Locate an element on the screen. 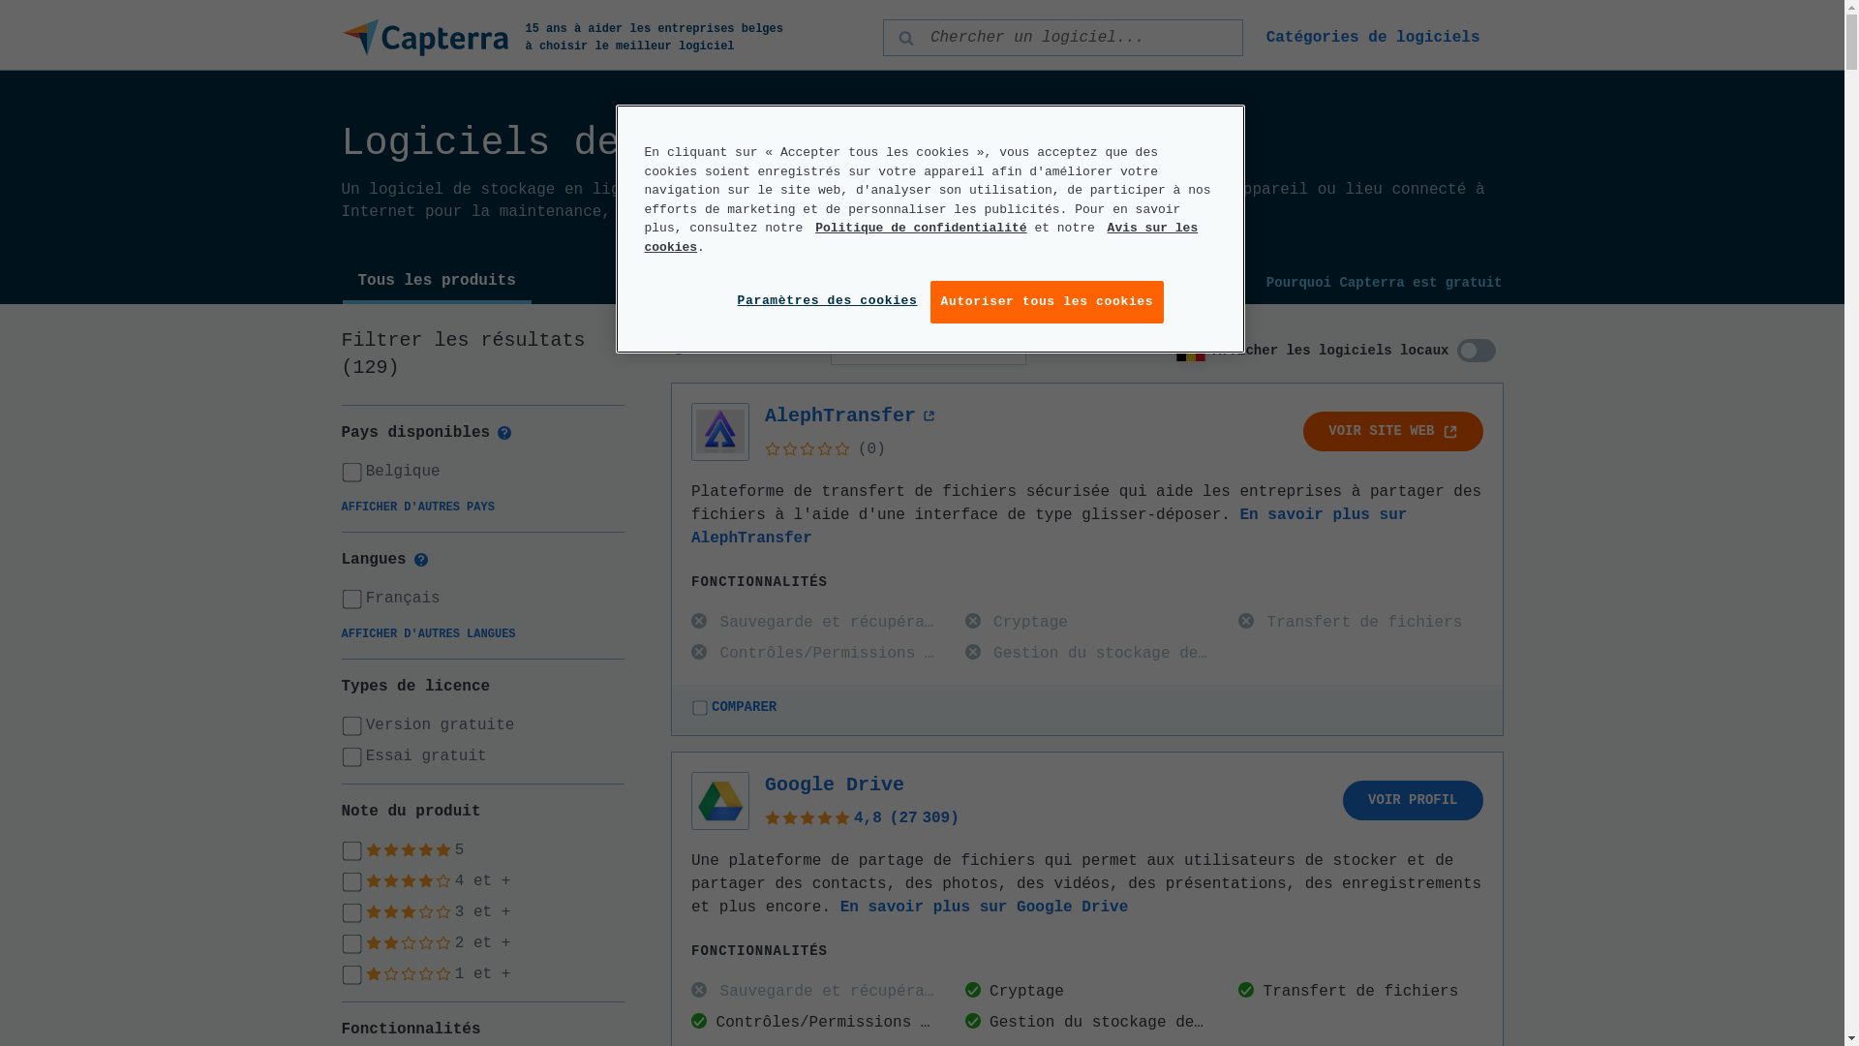  'Pourquoi Capterra est gratuit' is located at coordinates (1384, 283).